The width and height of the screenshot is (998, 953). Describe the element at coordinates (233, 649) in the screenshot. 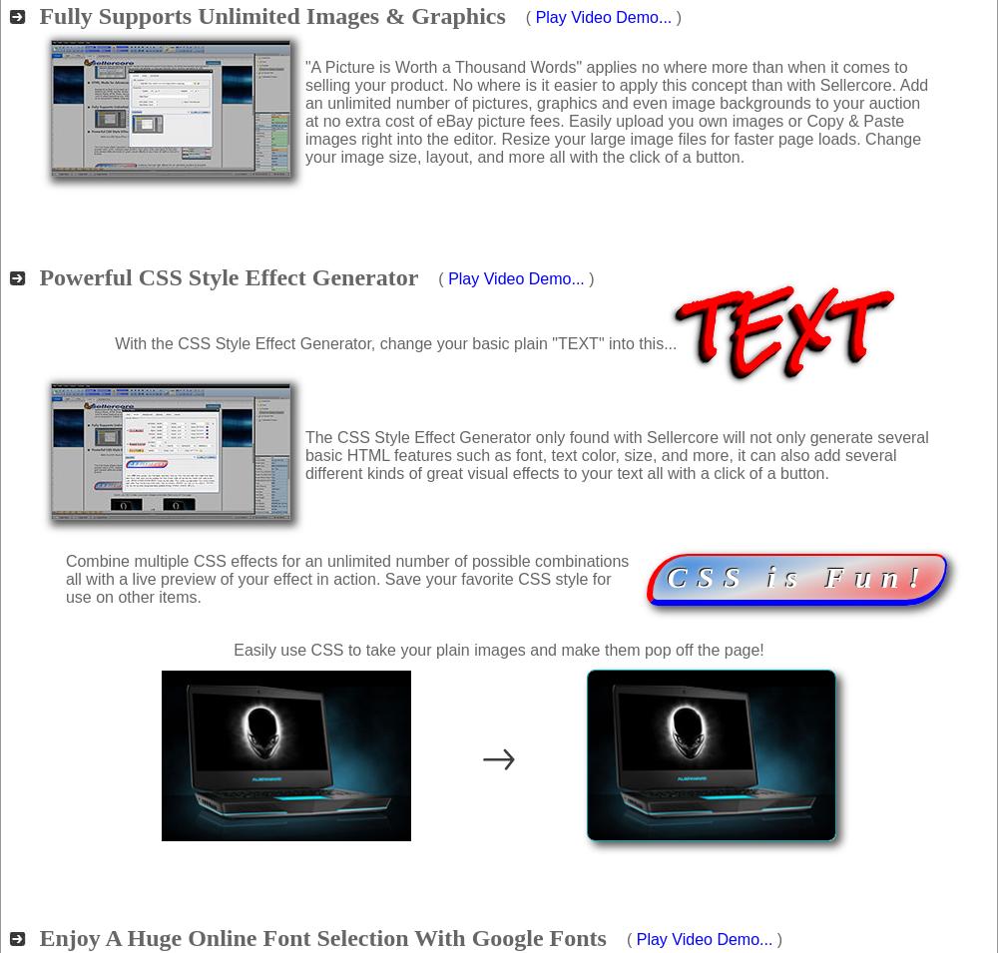

I see `'Easily use CSS to take your plain images and make them pop off the page!'` at that location.